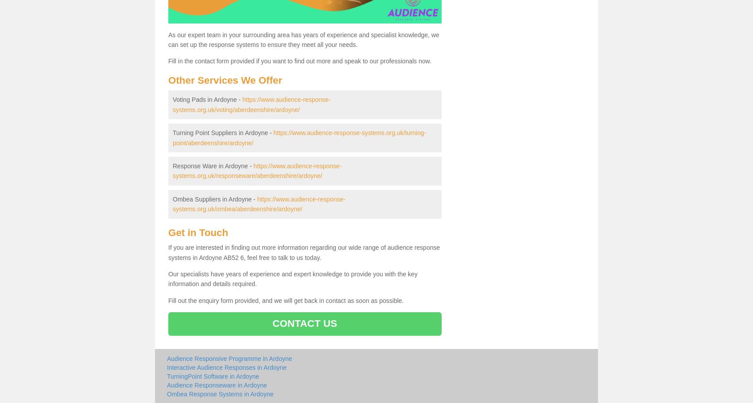  What do you see at coordinates (172, 203) in the screenshot?
I see `'https://www.audience-response-systems.org.uk/ombea/aberdeenshire/ardoyne/'` at bounding box center [172, 203].